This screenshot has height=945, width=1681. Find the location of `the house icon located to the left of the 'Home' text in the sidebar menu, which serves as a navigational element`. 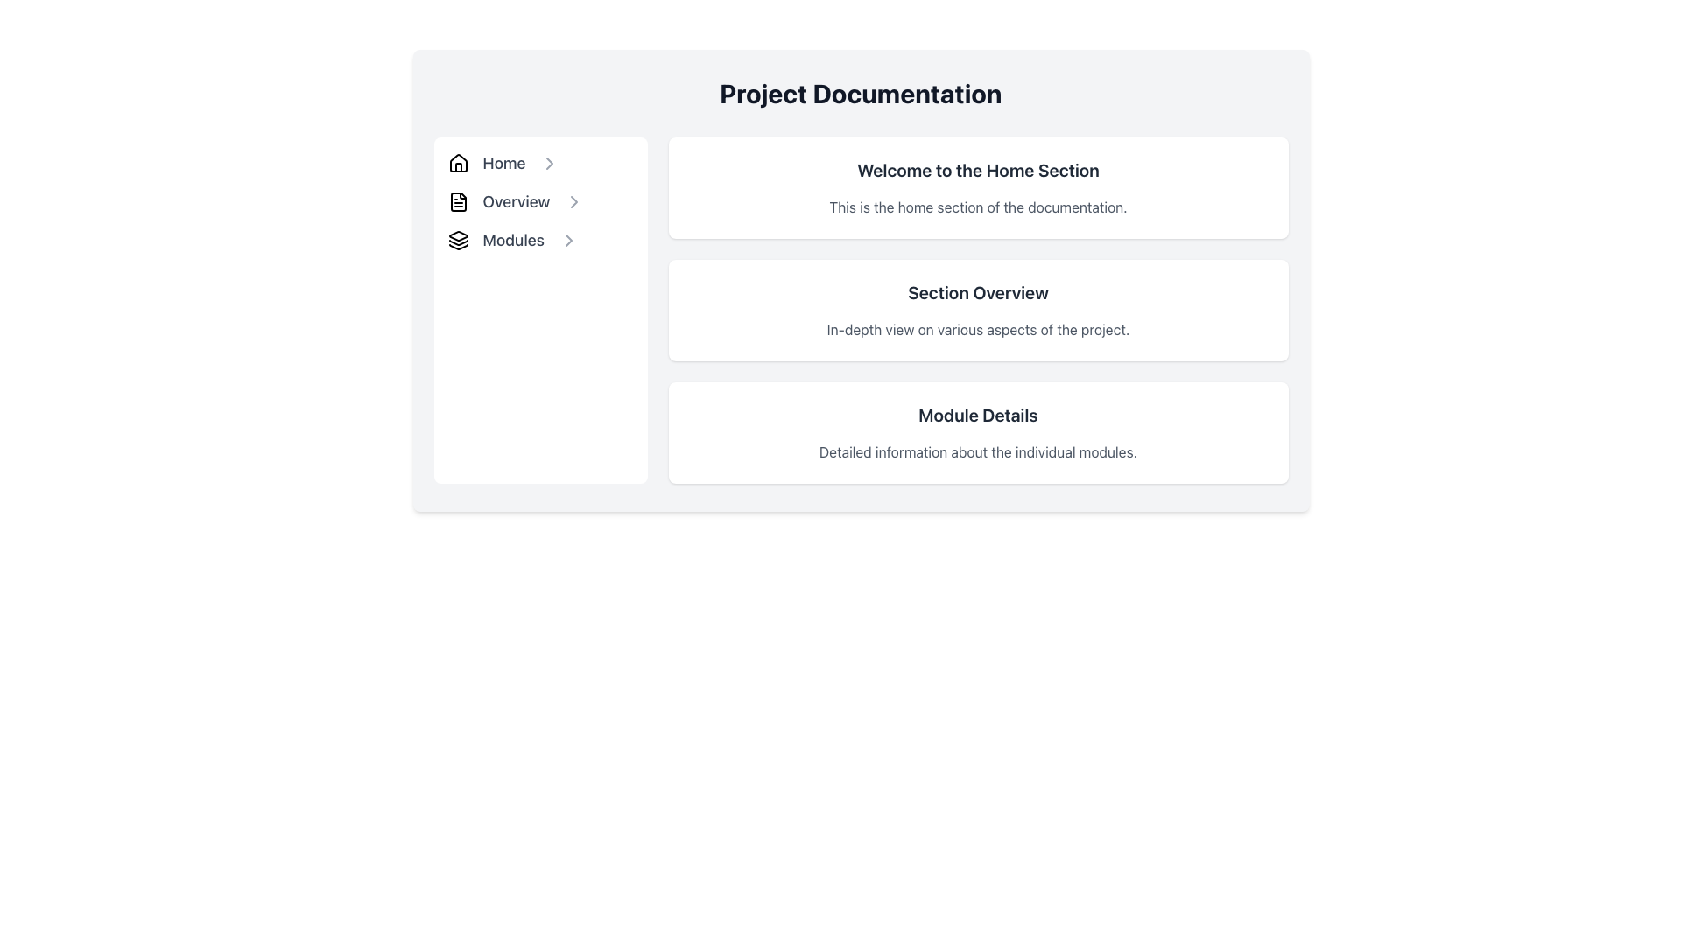

the house icon located to the left of the 'Home' text in the sidebar menu, which serves as a navigational element is located at coordinates (458, 163).